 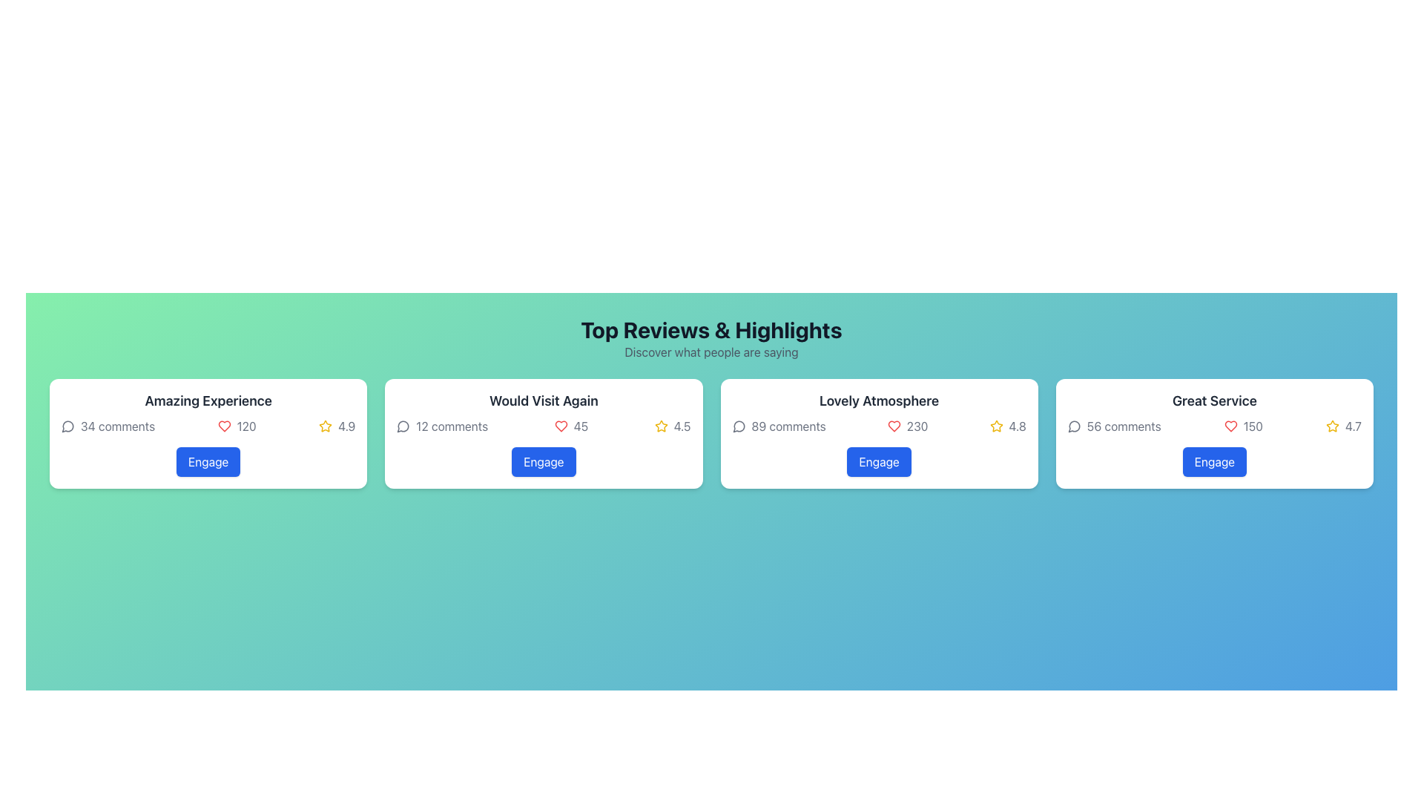 What do you see at coordinates (543, 400) in the screenshot?
I see `the text 'Would Visit Again' which is styled in bold dark gray color and is centered within a white rectangular card with rounded corners, located in the second card of a row of four cards` at bounding box center [543, 400].